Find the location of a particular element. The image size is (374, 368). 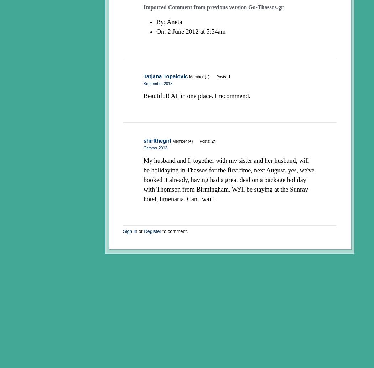

': 2 June 2012 at 5:54am' is located at coordinates (164, 31).